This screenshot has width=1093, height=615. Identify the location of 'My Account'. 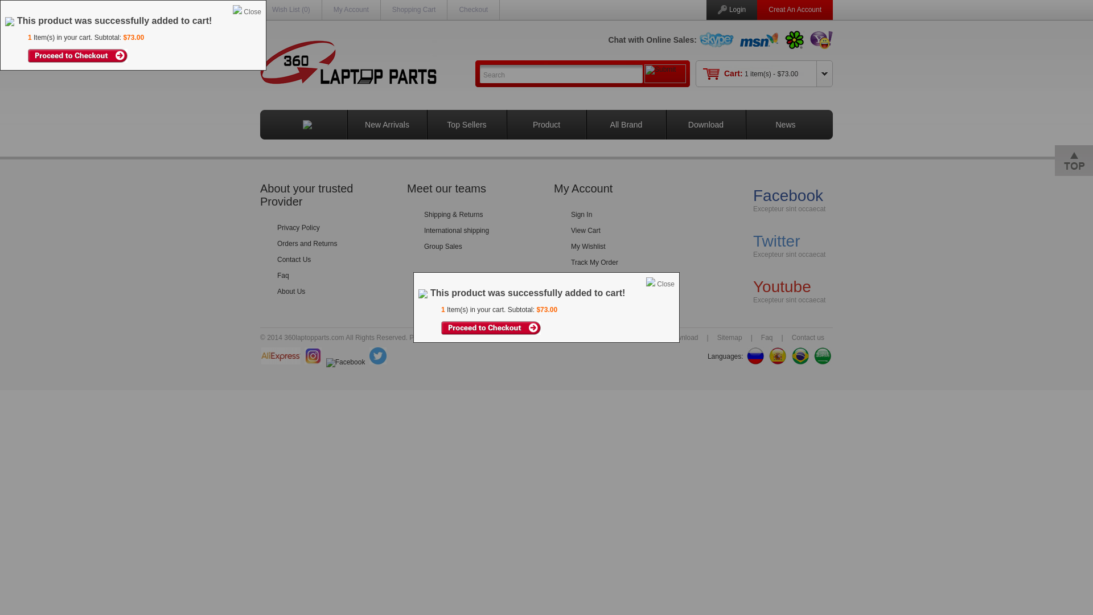
(351, 9).